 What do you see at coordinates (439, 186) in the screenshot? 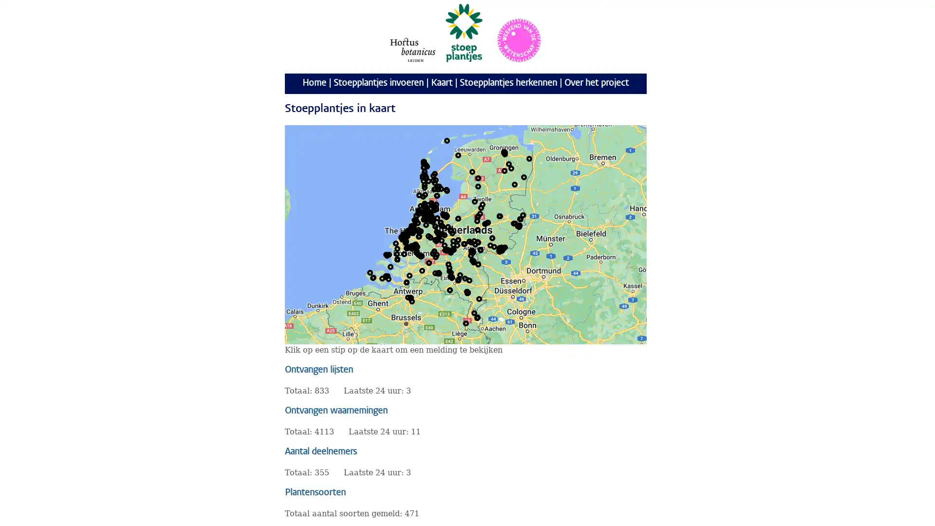
I see `Telling van U op 14 december 2021` at bounding box center [439, 186].